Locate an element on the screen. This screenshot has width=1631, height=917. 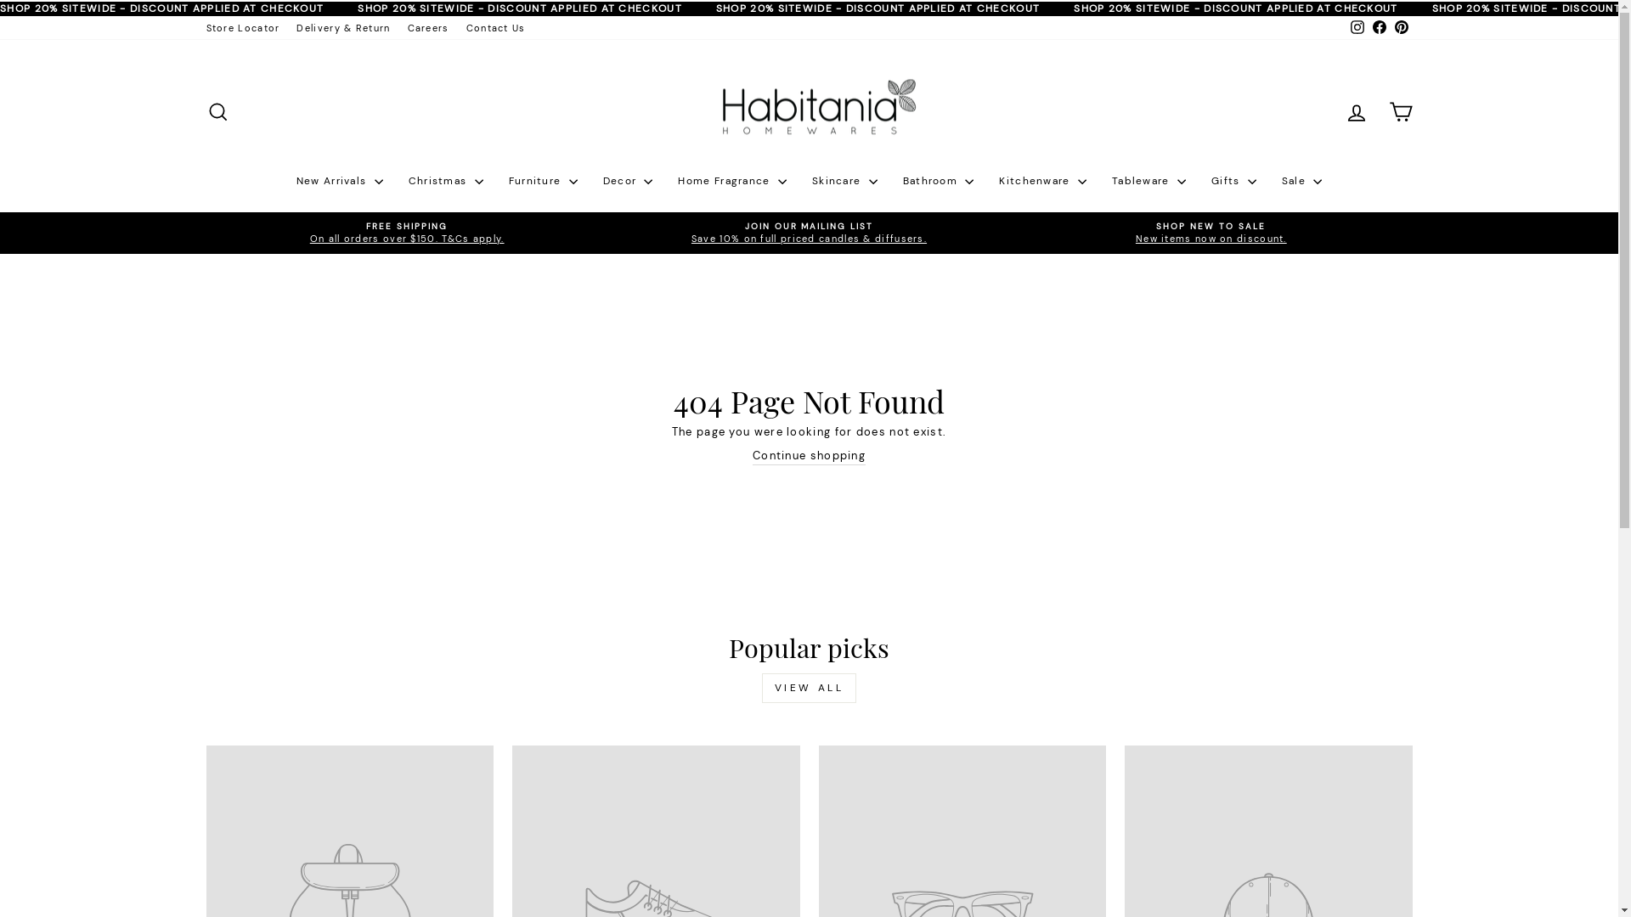
'Store Locator' is located at coordinates (196, 28).